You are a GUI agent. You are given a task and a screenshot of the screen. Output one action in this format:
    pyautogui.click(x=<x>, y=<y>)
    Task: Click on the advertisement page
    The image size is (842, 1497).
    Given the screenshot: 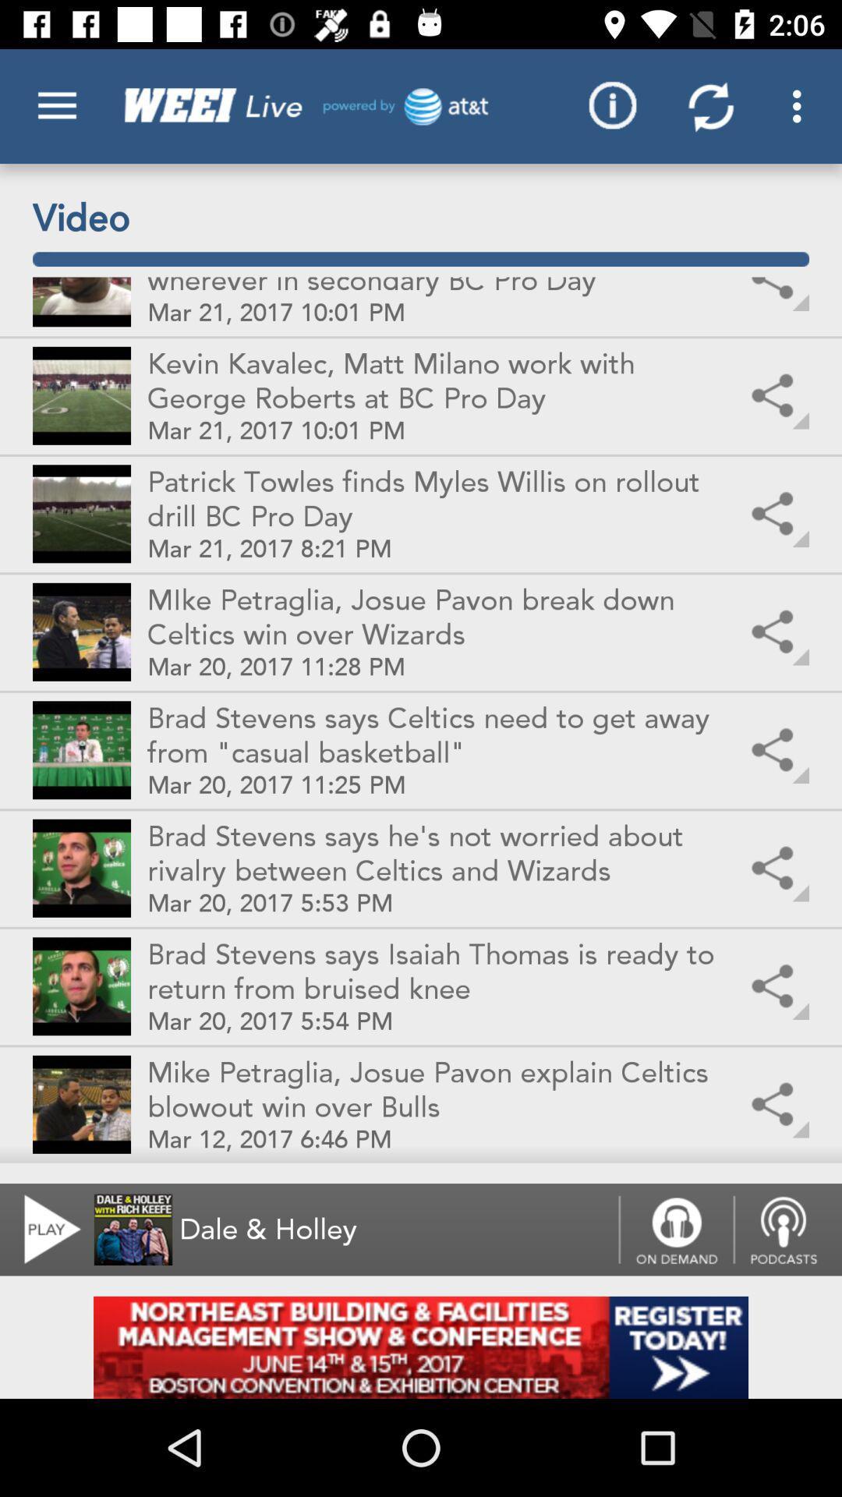 What is the action you would take?
    pyautogui.click(x=421, y=1347)
    